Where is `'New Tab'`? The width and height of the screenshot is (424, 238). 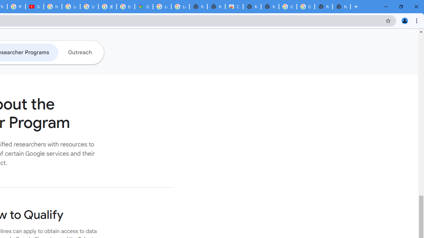 'New Tab' is located at coordinates (342, 7).